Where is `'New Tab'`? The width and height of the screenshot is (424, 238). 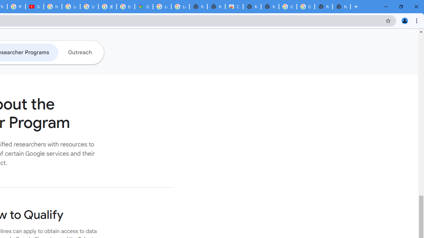 'New Tab' is located at coordinates (342, 7).